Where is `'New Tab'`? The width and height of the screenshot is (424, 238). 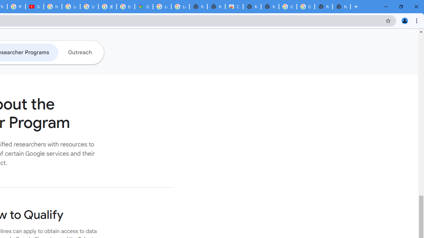 'New Tab' is located at coordinates (342, 7).